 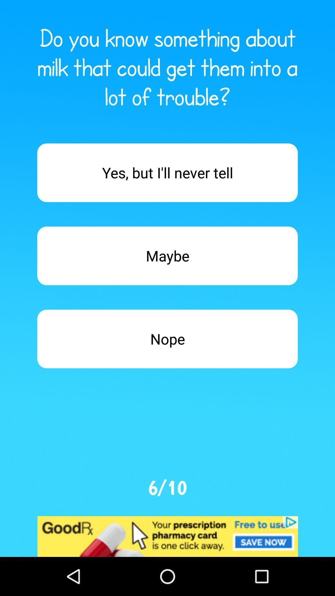 What do you see at coordinates (167, 173) in the screenshot?
I see `option` at bounding box center [167, 173].